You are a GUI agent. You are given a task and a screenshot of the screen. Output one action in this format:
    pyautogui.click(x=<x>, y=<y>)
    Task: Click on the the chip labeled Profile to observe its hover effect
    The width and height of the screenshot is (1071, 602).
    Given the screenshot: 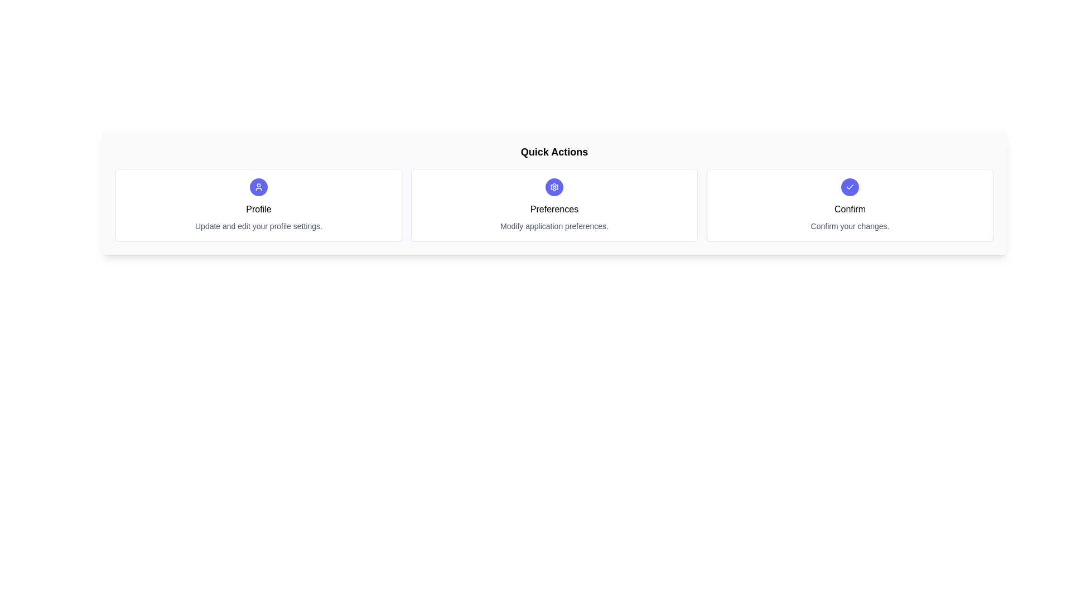 What is the action you would take?
    pyautogui.click(x=258, y=205)
    